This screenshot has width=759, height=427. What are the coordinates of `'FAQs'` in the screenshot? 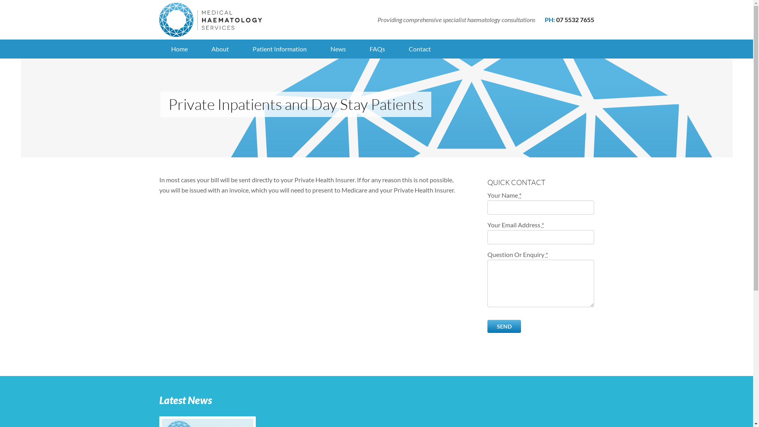 It's located at (376, 49).